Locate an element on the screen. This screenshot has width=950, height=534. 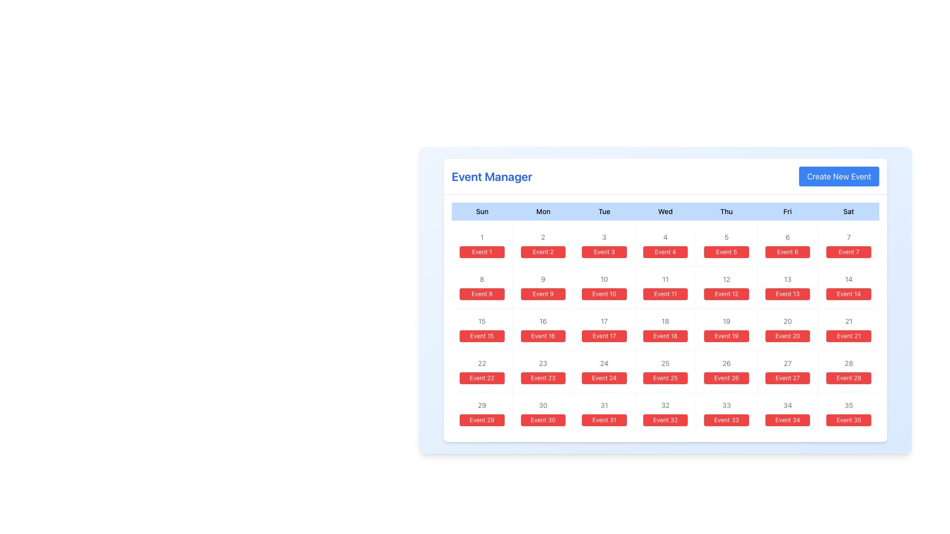
the text label representing the day number for Tuesday, located in the second row and third column of the calendar grid is located at coordinates (604, 279).